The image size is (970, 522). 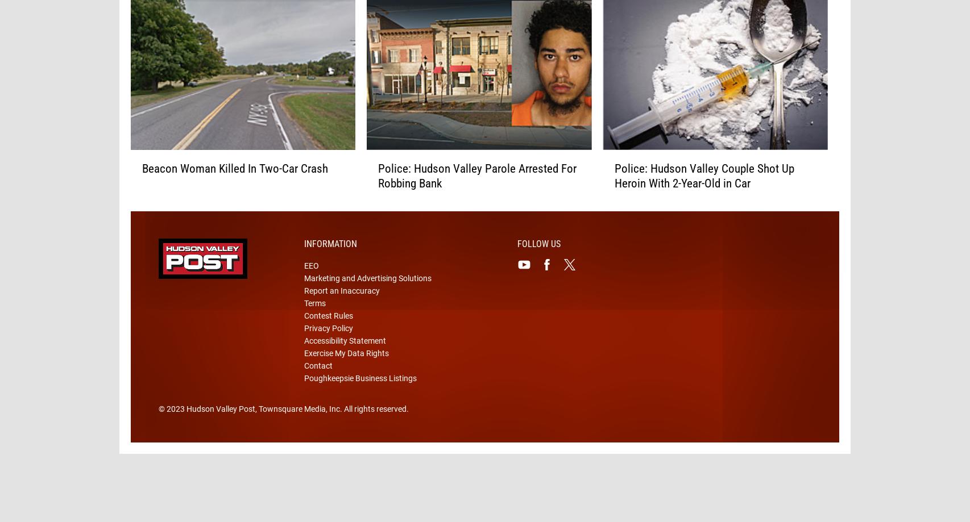 I want to click on 'Police: Hudson Valley Parole Arrested For Robbing Bank', so click(x=476, y=193).